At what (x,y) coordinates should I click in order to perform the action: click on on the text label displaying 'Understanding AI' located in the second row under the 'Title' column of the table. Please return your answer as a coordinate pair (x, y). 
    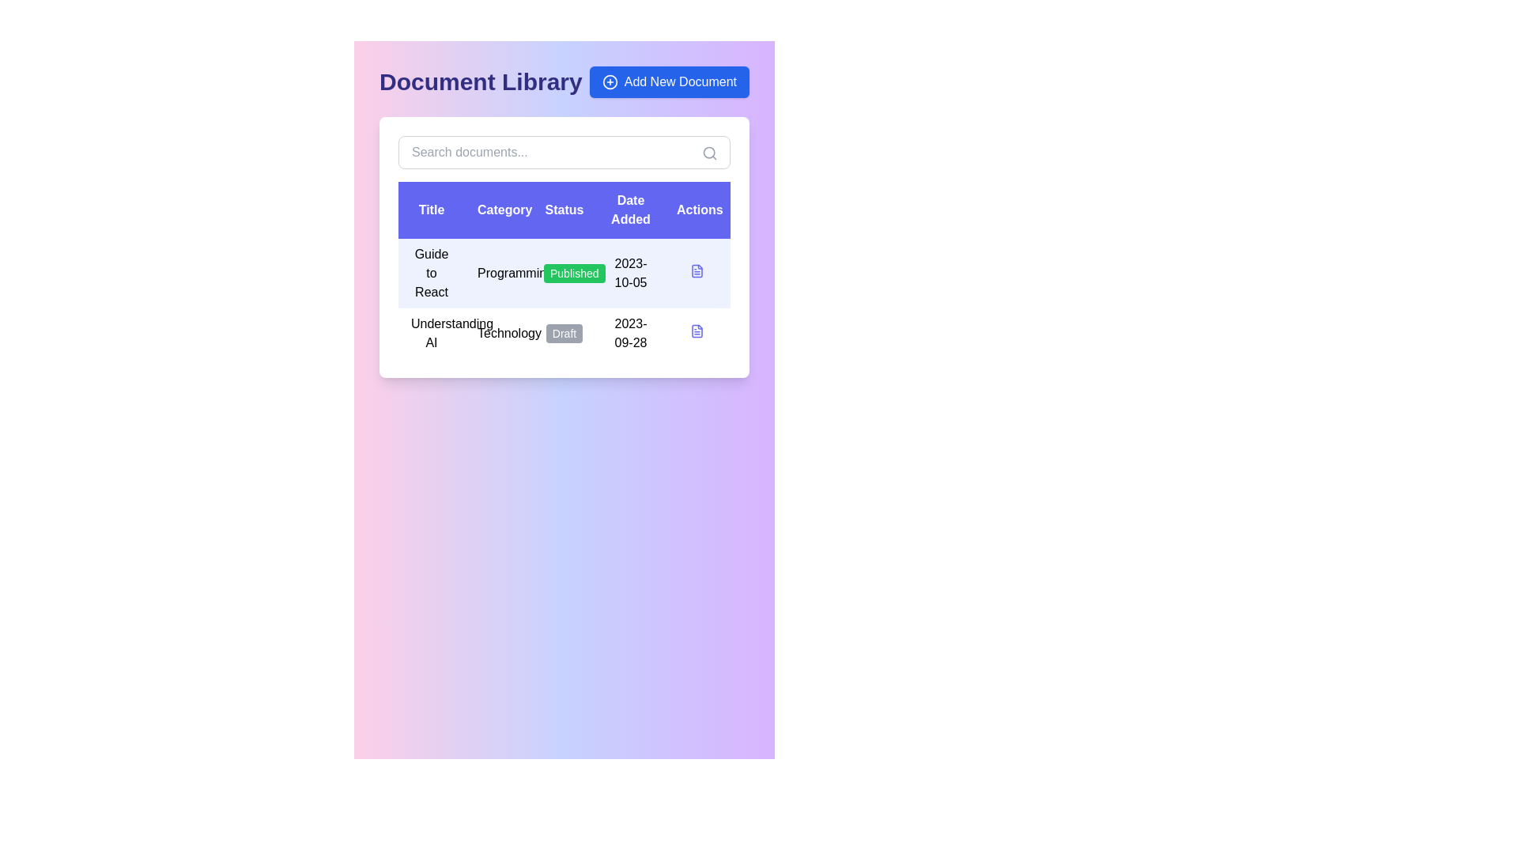
    Looking at the image, I should click on (432, 332).